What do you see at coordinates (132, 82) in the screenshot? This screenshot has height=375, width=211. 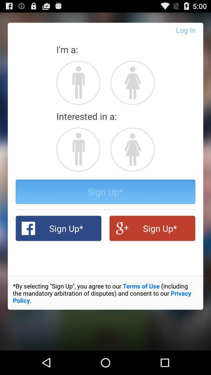 I see `last icon below im a` at bounding box center [132, 82].